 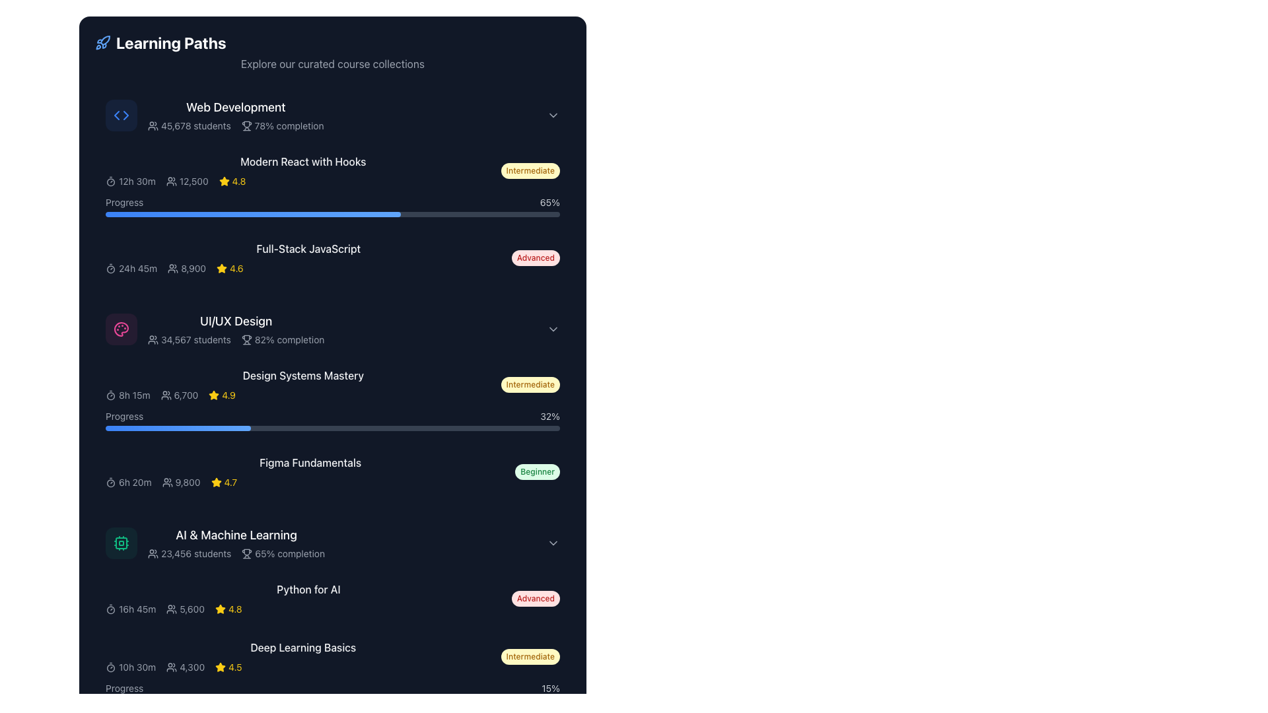 What do you see at coordinates (277, 213) in the screenshot?
I see `the progress bar` at bounding box center [277, 213].